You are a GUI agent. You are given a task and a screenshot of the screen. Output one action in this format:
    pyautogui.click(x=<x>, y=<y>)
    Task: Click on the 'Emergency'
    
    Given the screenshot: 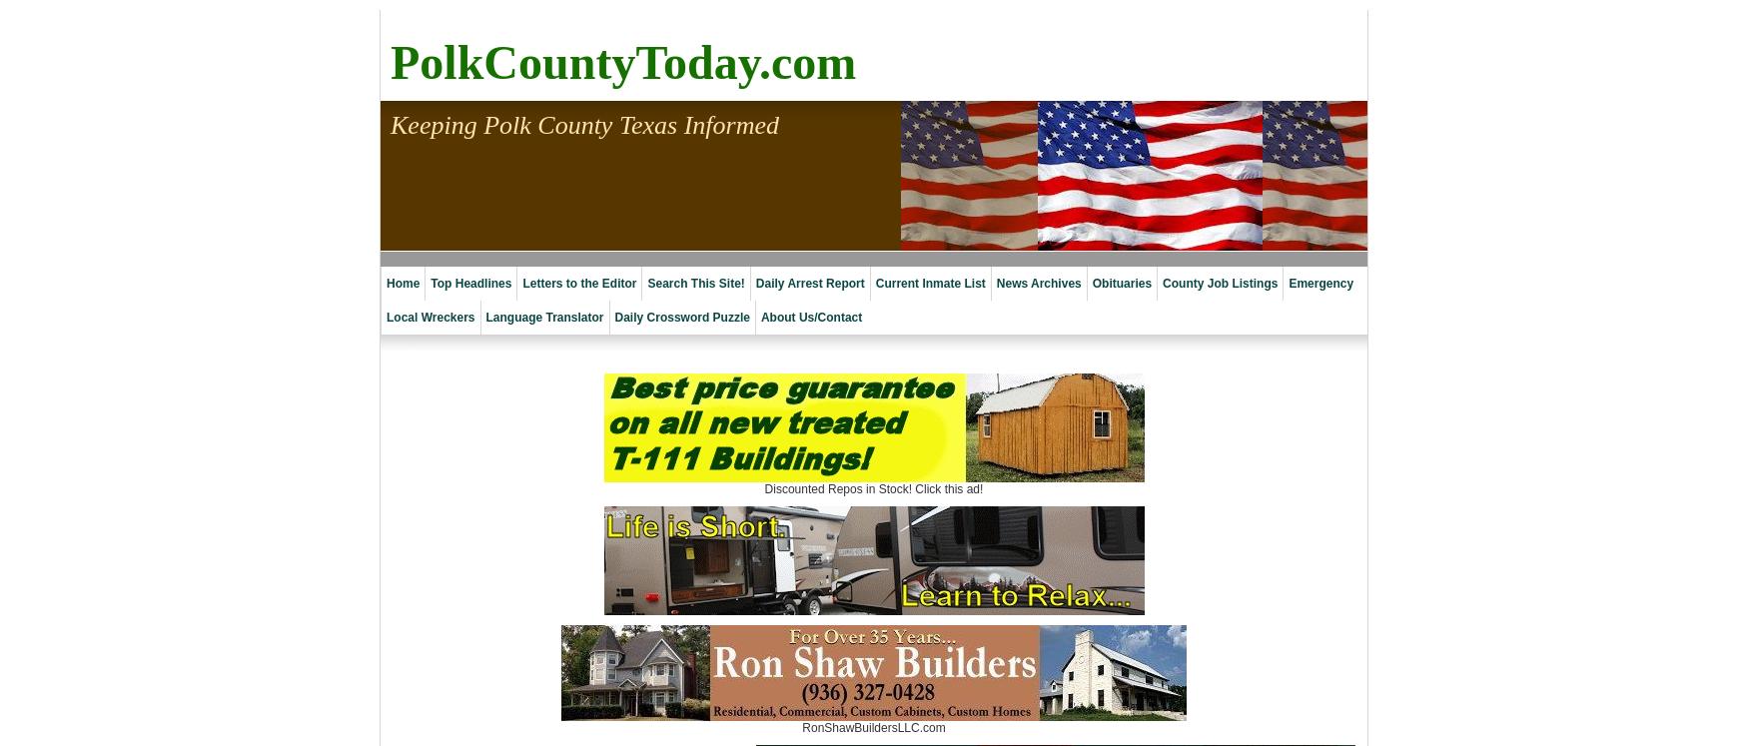 What is the action you would take?
    pyautogui.click(x=1320, y=284)
    